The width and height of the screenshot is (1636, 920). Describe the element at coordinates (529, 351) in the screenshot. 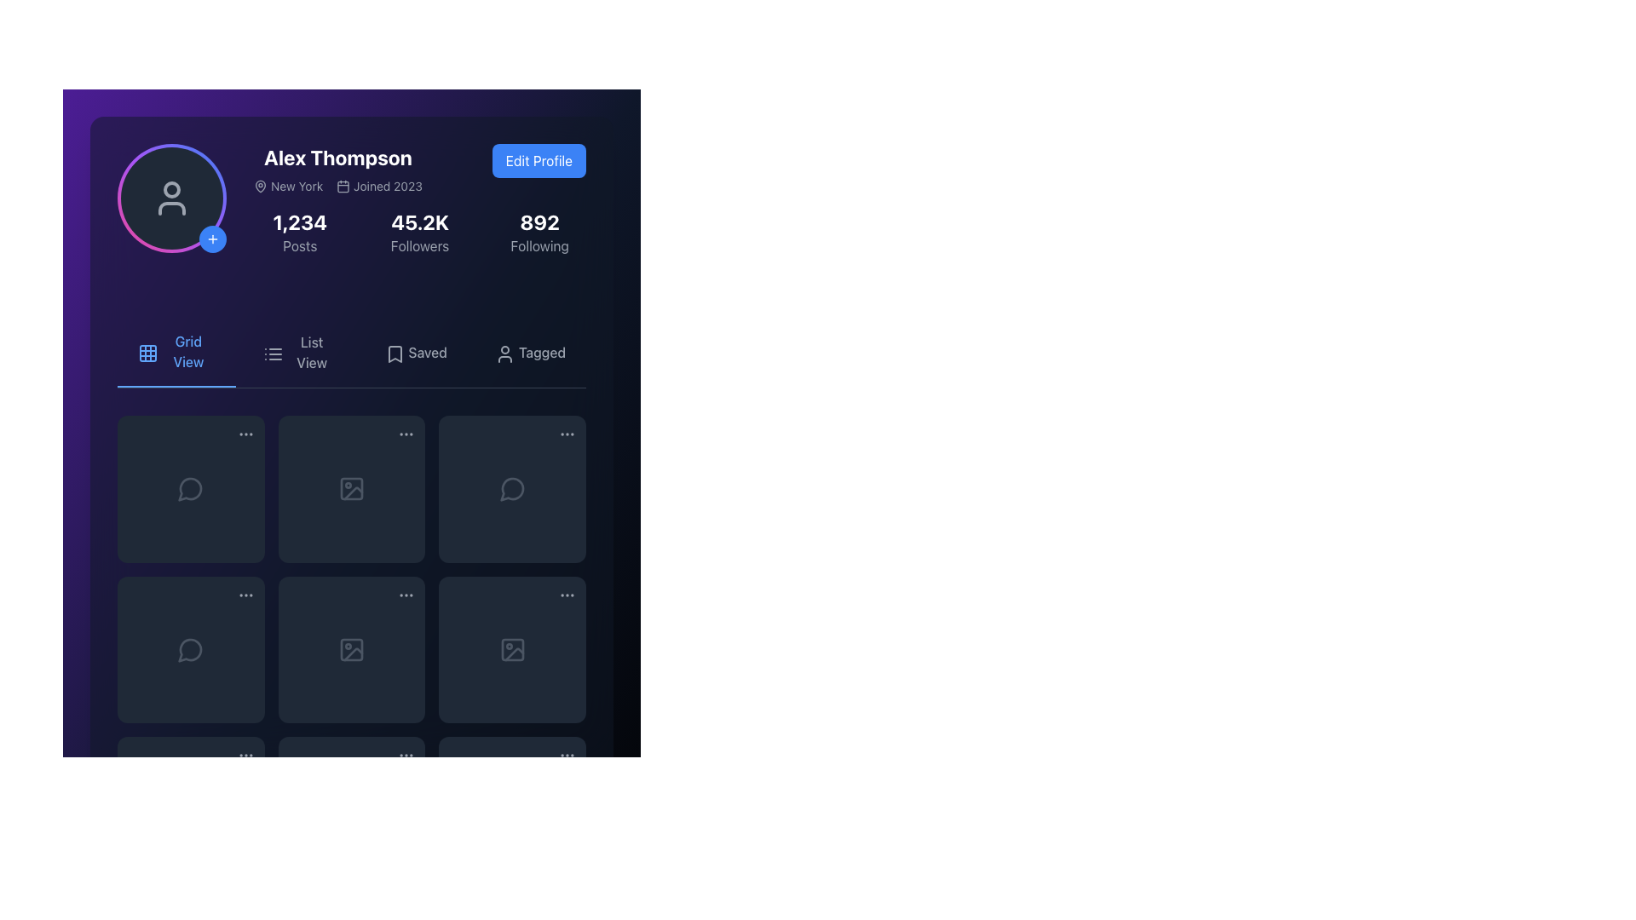

I see `the 'Tagged' button in the navigation bar` at that location.